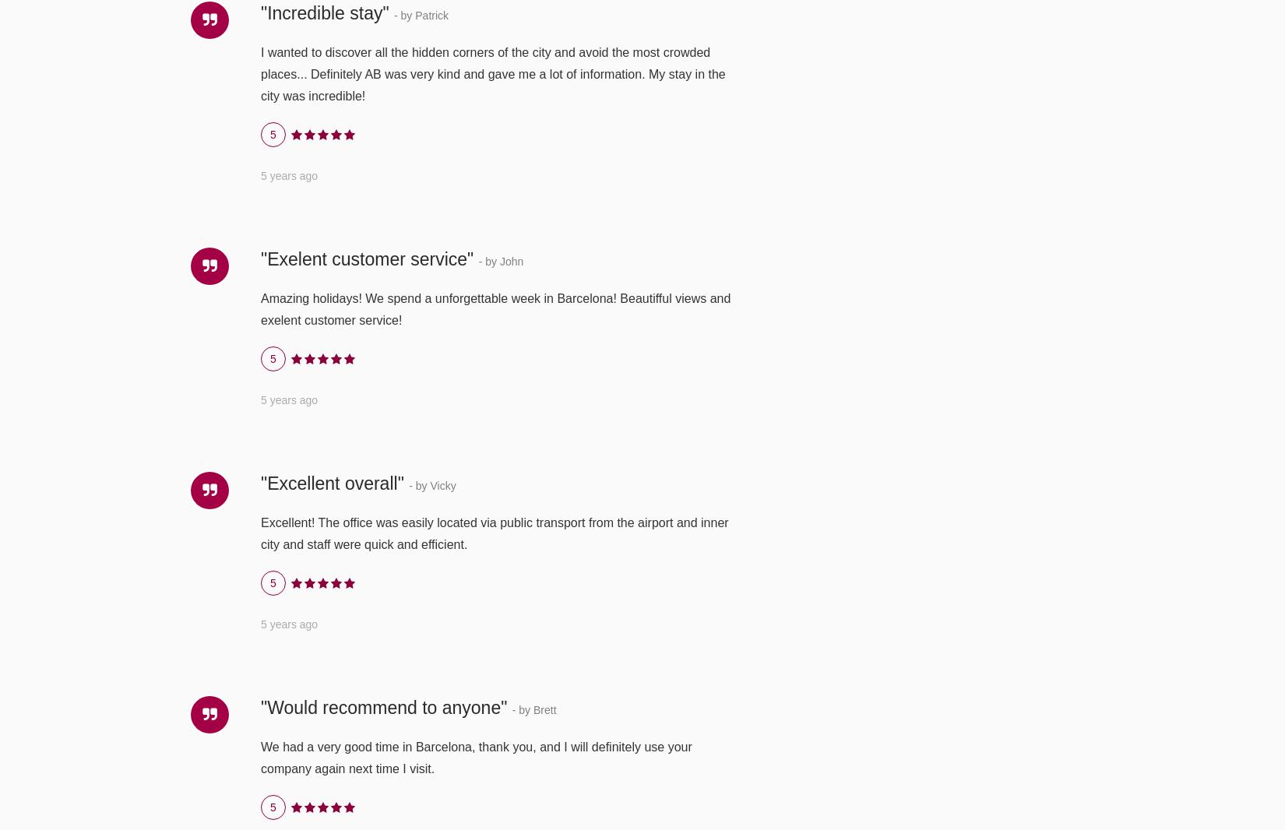 Image resolution: width=1285 pixels, height=830 pixels. What do you see at coordinates (260, 308) in the screenshot?
I see `'Amazing holidays! We spend a unforgettable week in Barcelona! Beautifful views and  exelent customer service!'` at bounding box center [260, 308].